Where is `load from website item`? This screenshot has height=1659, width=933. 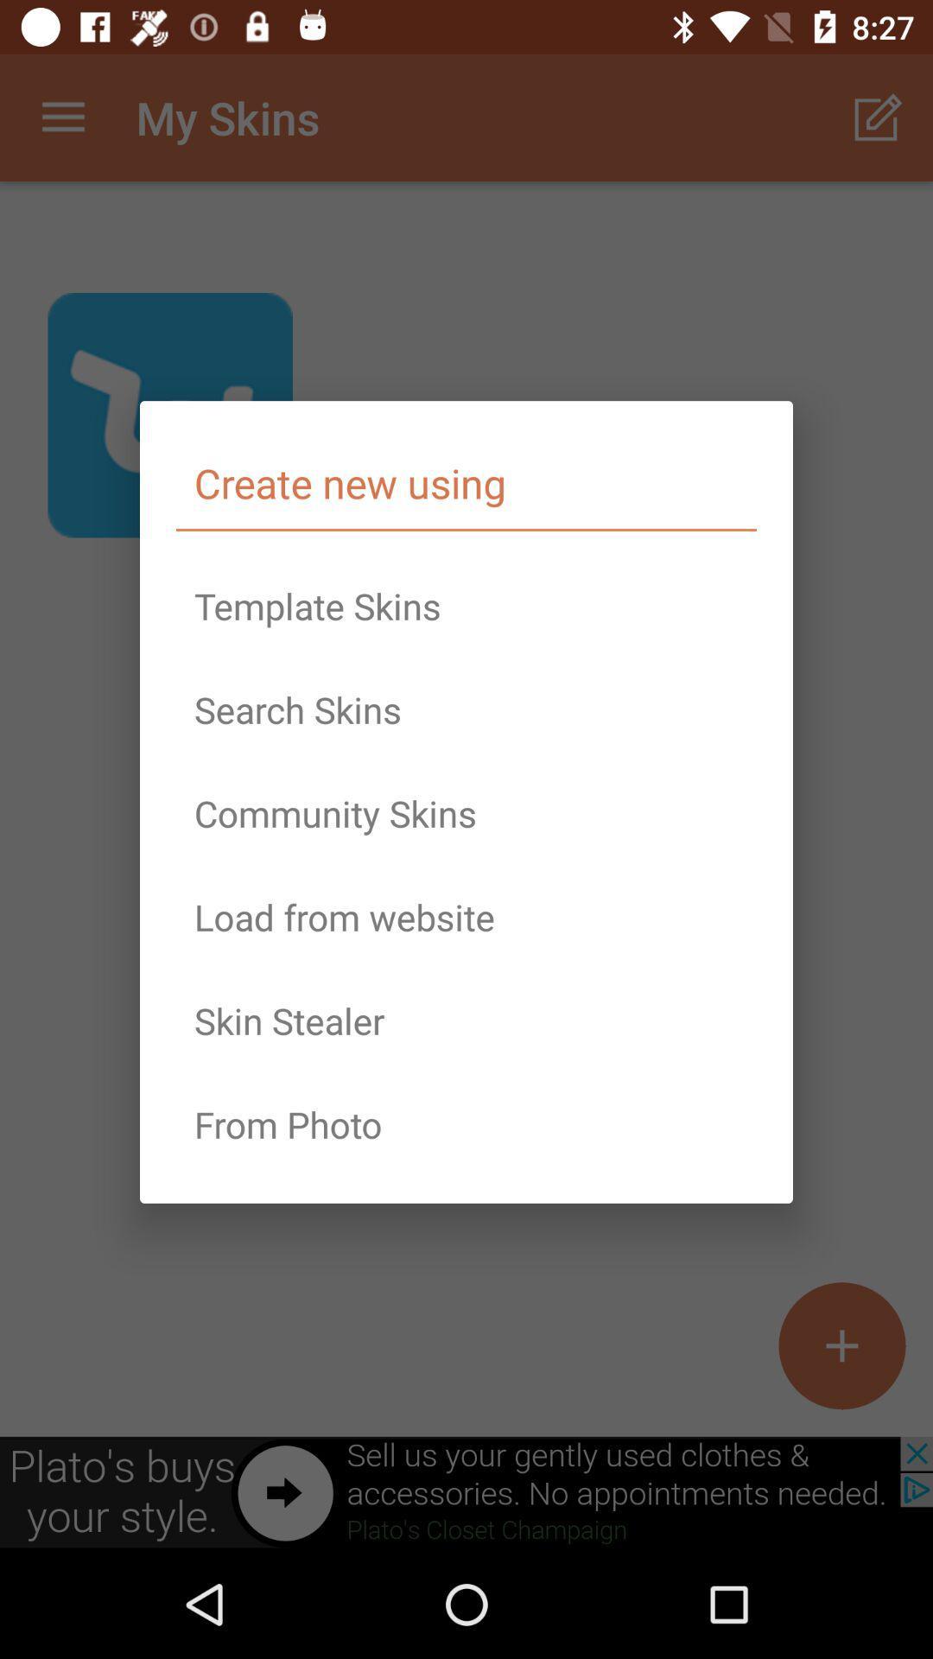
load from website item is located at coordinates (466, 916).